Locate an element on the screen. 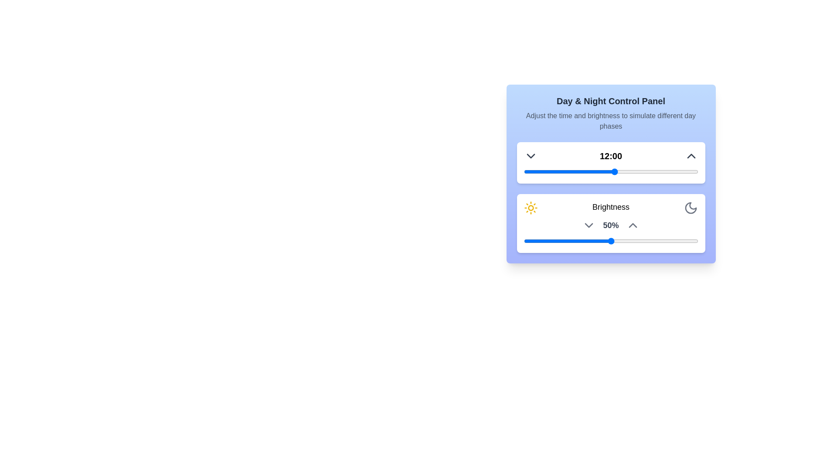  the chevron-shaped upward arrow icon button located to the right of the '12:00' label in the Day & Night Control Panel is located at coordinates (691, 156).